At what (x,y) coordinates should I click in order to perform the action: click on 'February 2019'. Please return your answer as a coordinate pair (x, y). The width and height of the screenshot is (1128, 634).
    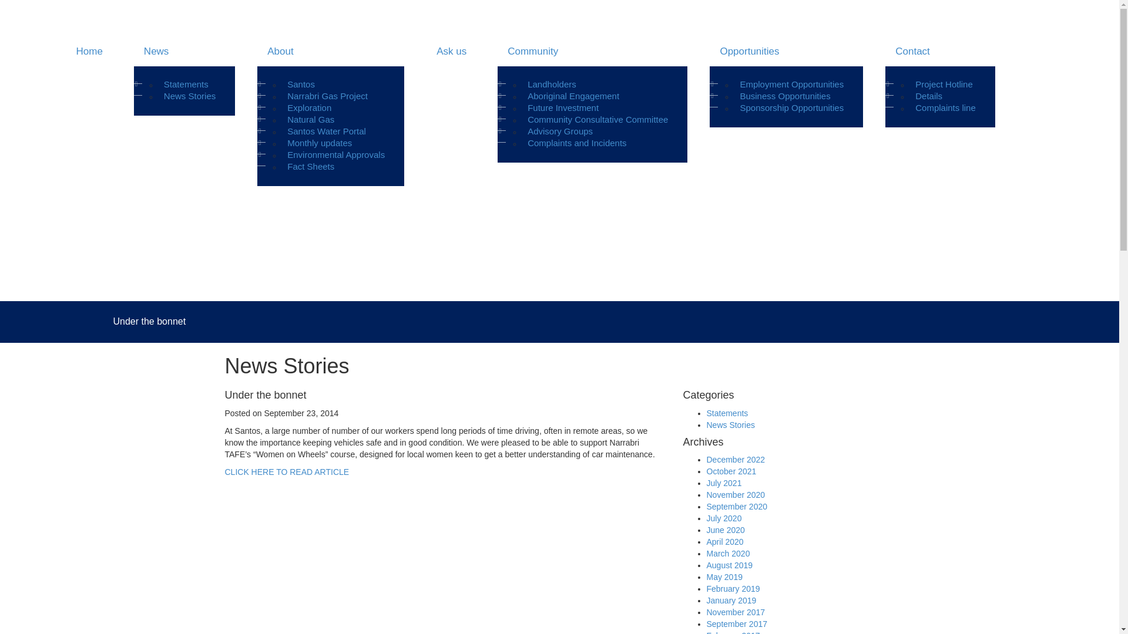
    Looking at the image, I should click on (732, 588).